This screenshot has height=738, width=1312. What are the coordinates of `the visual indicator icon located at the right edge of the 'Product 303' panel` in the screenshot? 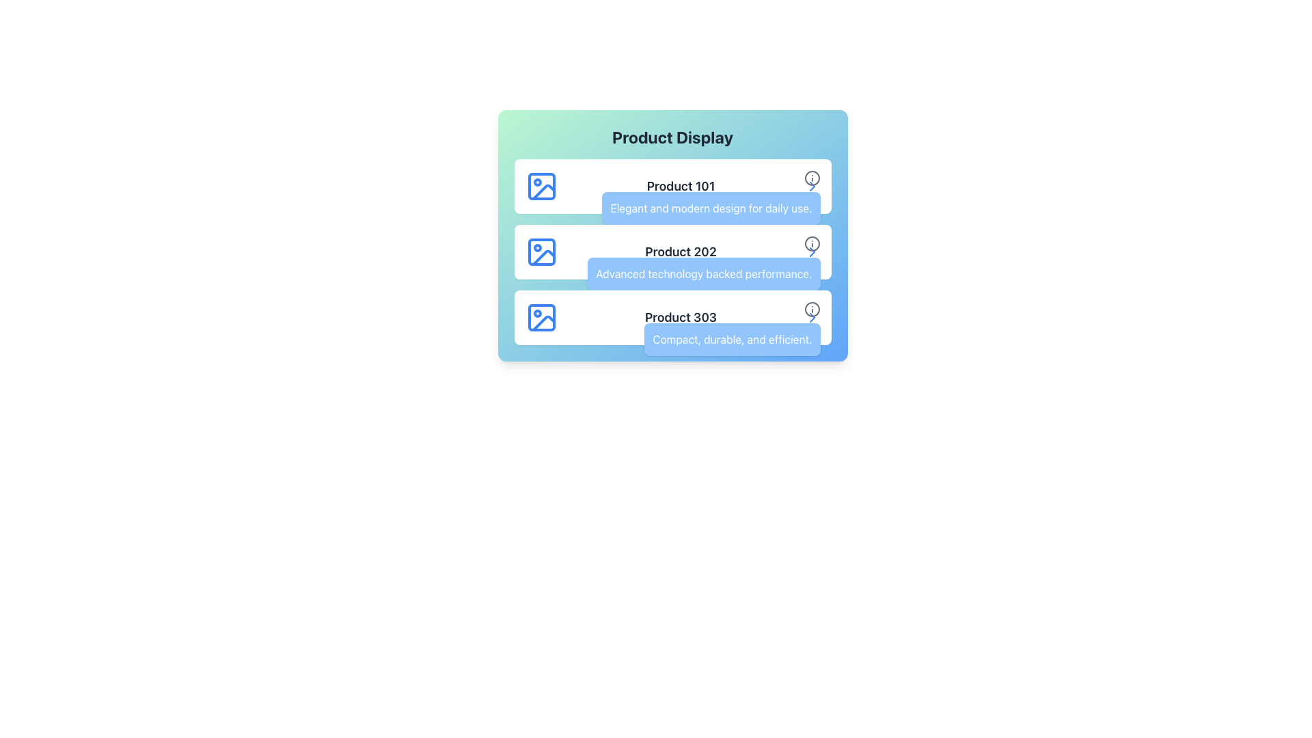 It's located at (812, 318).